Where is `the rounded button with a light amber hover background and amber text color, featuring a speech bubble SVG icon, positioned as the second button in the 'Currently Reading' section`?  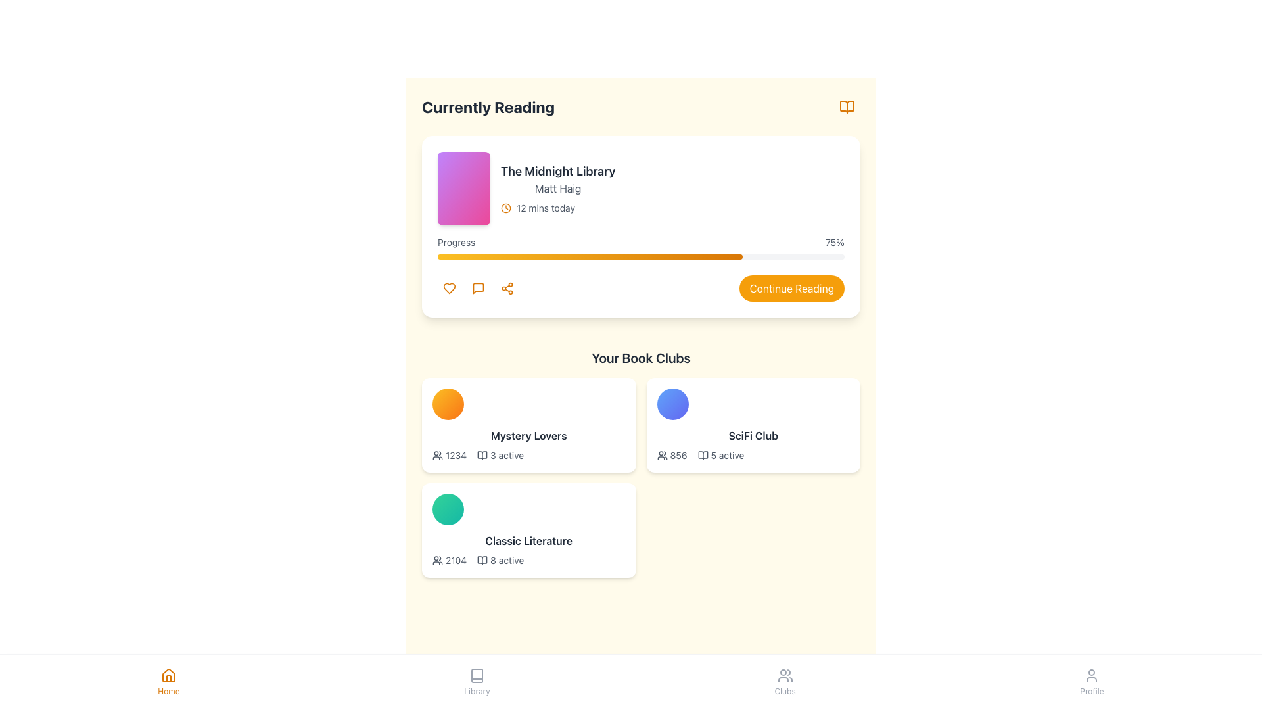
the rounded button with a light amber hover background and amber text color, featuring a speech bubble SVG icon, positioned as the second button in the 'Currently Reading' section is located at coordinates (478, 288).